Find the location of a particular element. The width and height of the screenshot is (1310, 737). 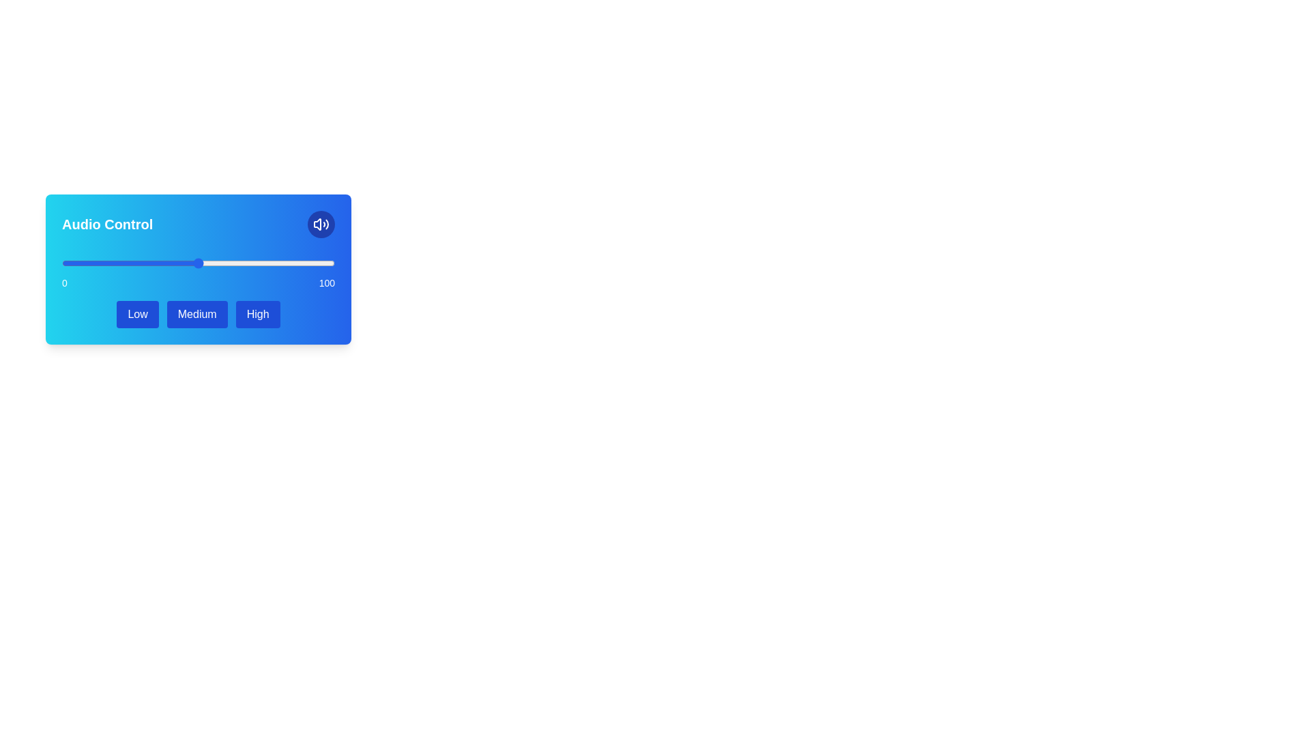

the 'Low' button located at the bottom-center of the 'Audio Control' section is located at coordinates (137, 315).